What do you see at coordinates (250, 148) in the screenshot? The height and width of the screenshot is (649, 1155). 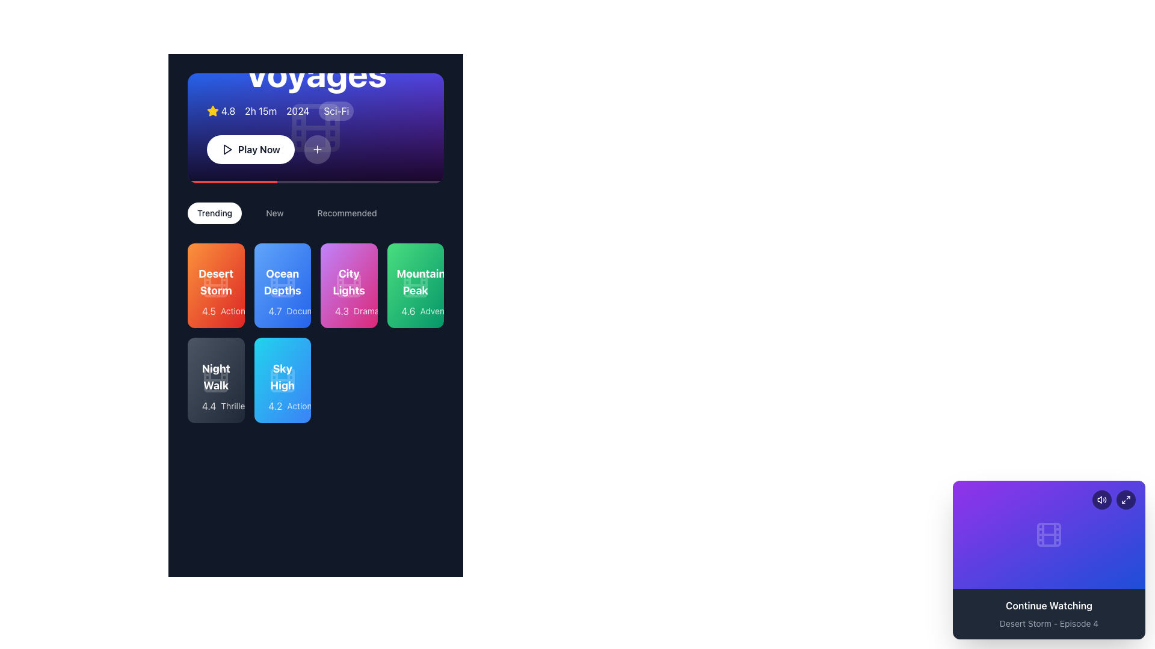 I see `the leftmost button below the title banner` at bounding box center [250, 148].